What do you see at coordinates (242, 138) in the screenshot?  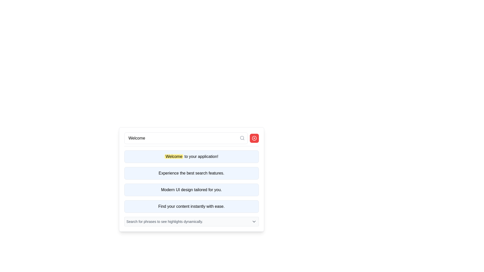 I see `the gray magnifying glass icon located inside the search input field at the right-hand side` at bounding box center [242, 138].